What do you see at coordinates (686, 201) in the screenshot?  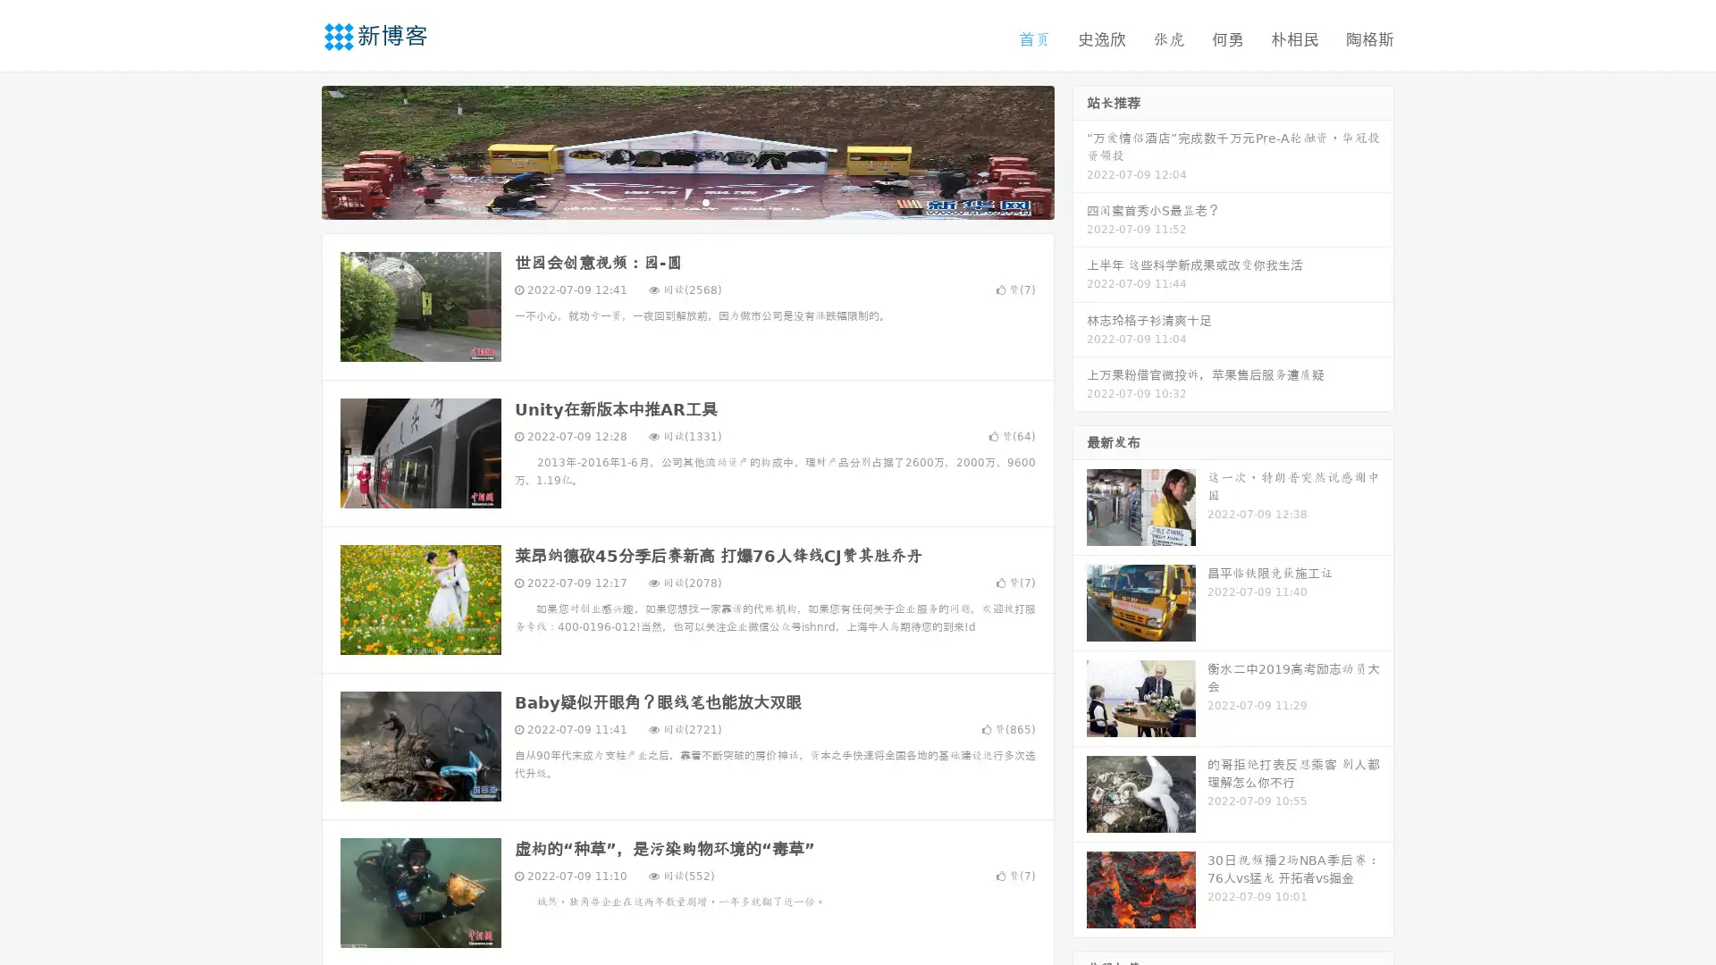 I see `Go to slide 2` at bounding box center [686, 201].